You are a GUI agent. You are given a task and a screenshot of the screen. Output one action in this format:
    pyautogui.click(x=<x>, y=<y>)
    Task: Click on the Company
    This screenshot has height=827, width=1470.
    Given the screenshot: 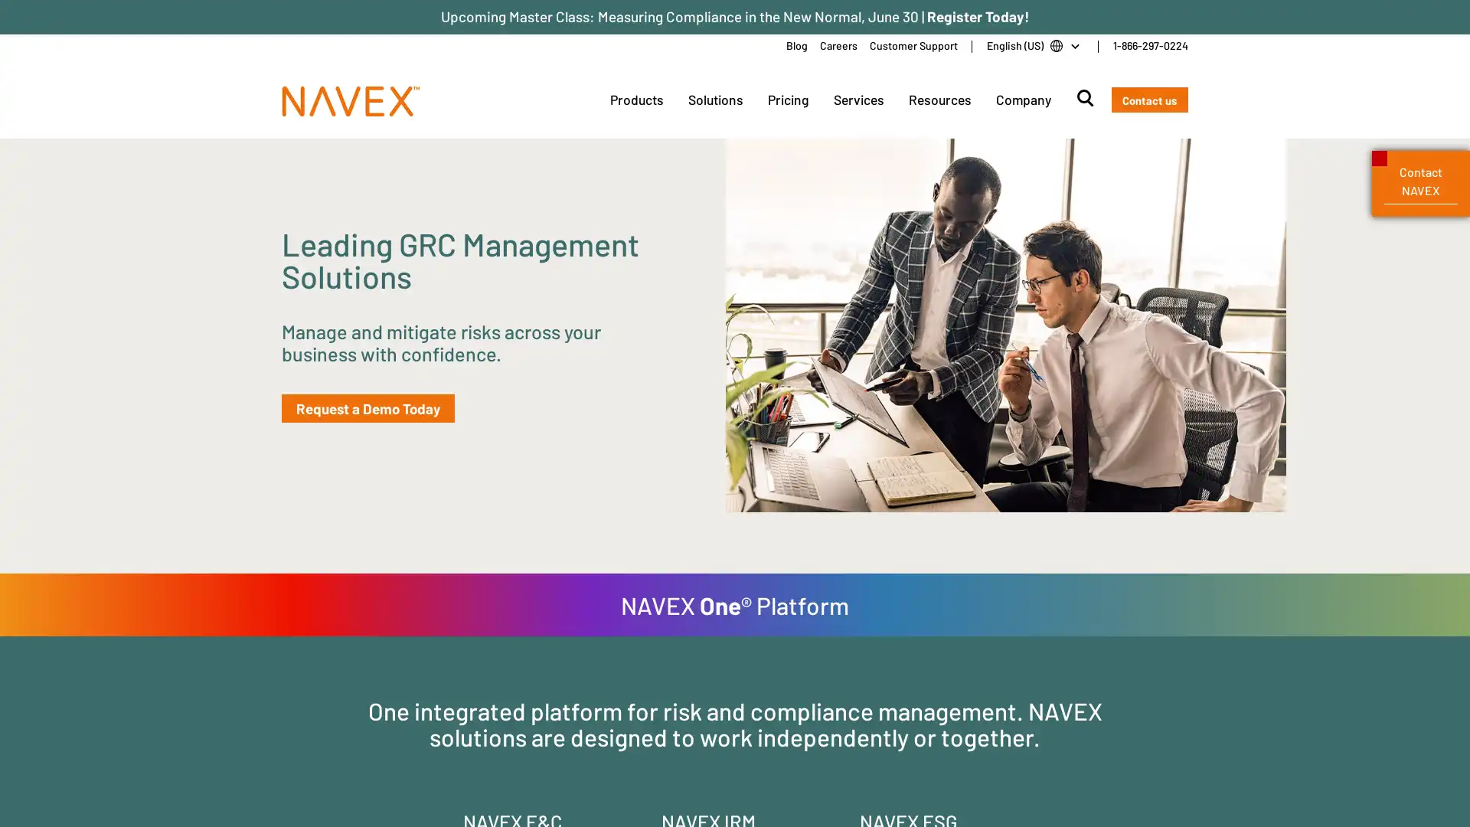 What is the action you would take?
    pyautogui.click(x=1022, y=100)
    